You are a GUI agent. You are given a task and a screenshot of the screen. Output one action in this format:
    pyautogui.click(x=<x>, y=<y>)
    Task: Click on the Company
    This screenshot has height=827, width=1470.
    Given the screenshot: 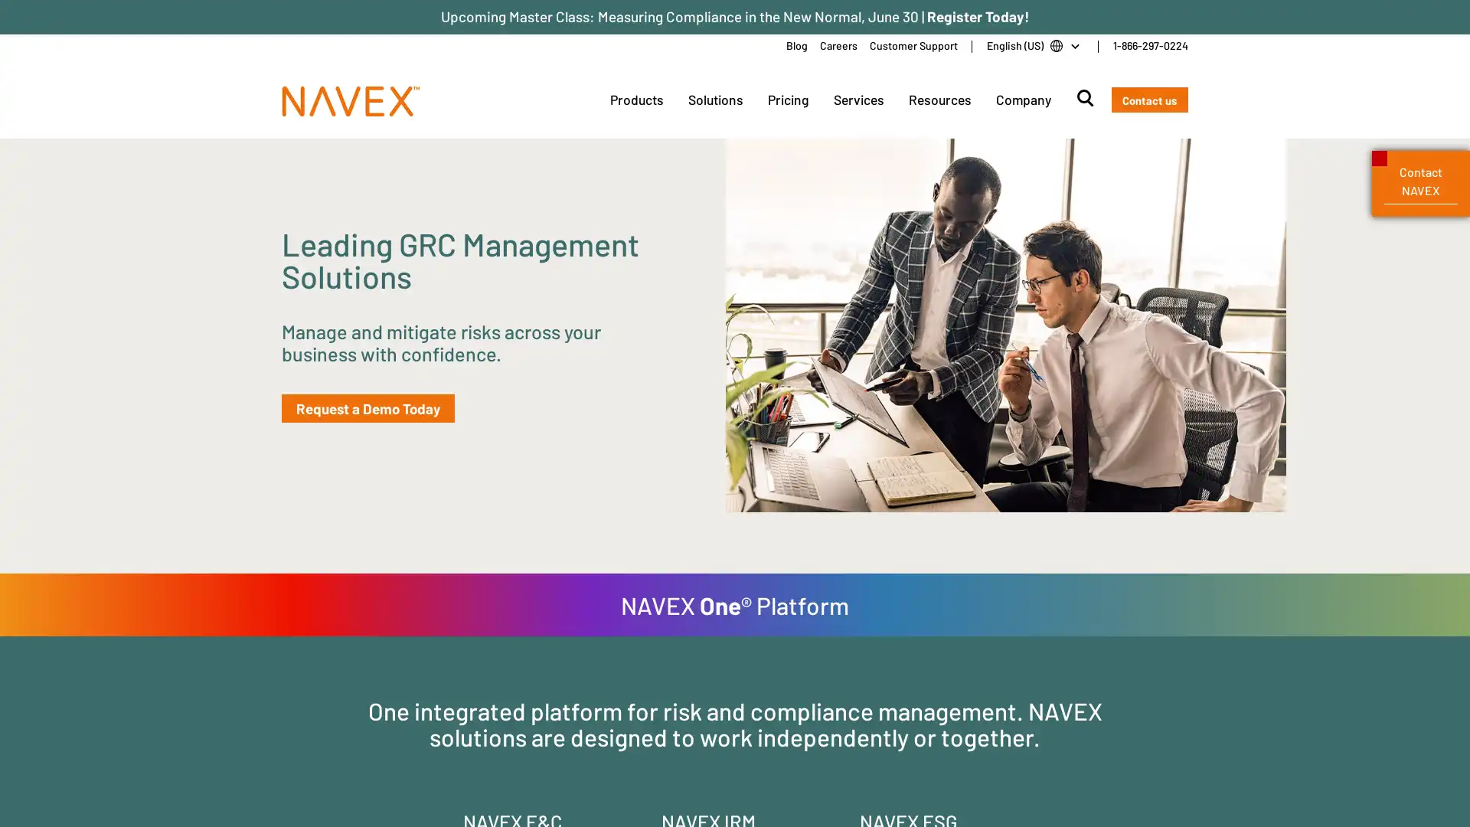 What is the action you would take?
    pyautogui.click(x=1022, y=100)
    